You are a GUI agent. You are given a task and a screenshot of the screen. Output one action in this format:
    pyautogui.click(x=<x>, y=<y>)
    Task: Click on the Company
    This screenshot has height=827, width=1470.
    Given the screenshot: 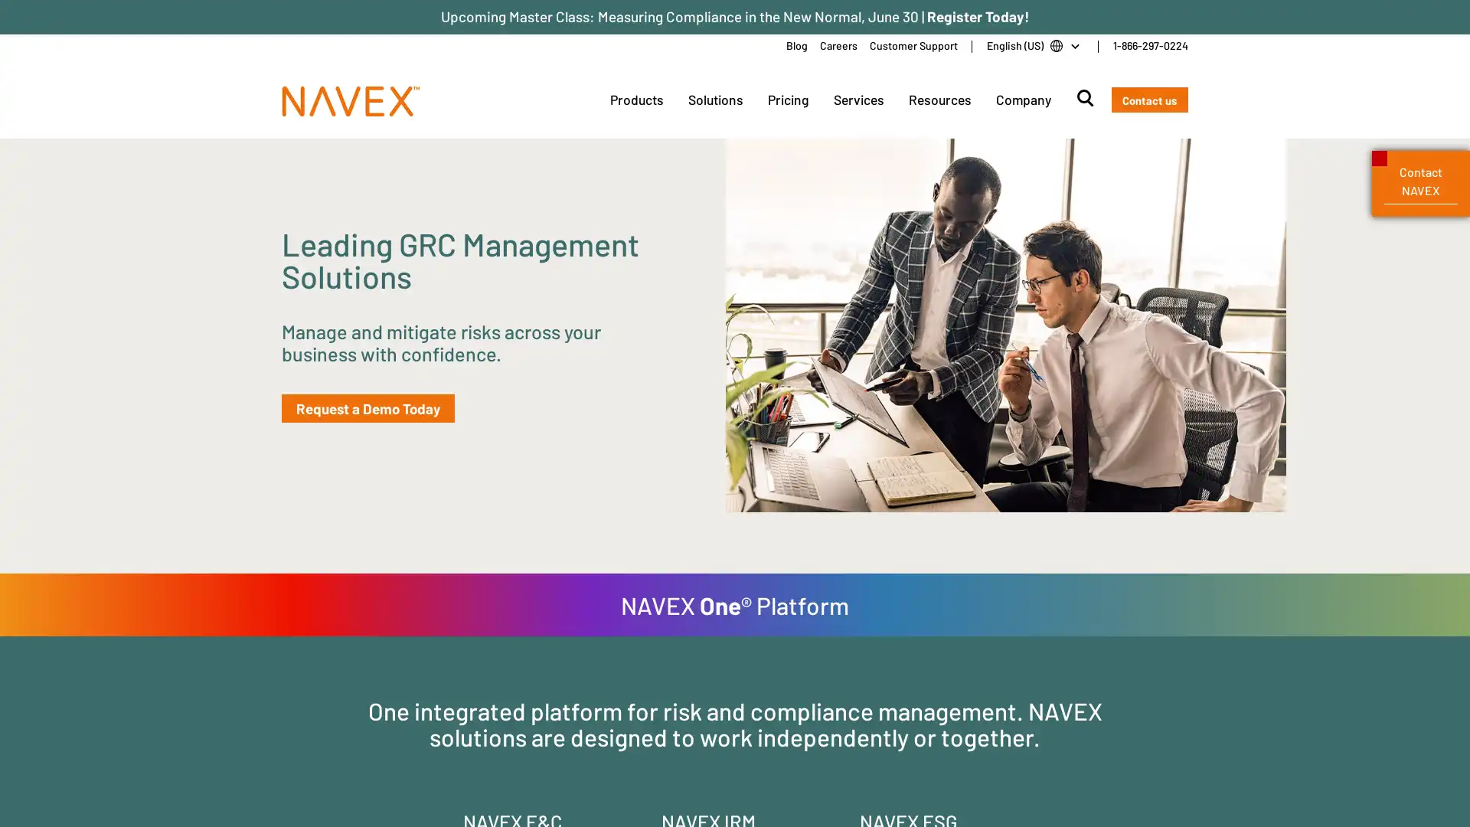 What is the action you would take?
    pyautogui.click(x=1022, y=100)
    